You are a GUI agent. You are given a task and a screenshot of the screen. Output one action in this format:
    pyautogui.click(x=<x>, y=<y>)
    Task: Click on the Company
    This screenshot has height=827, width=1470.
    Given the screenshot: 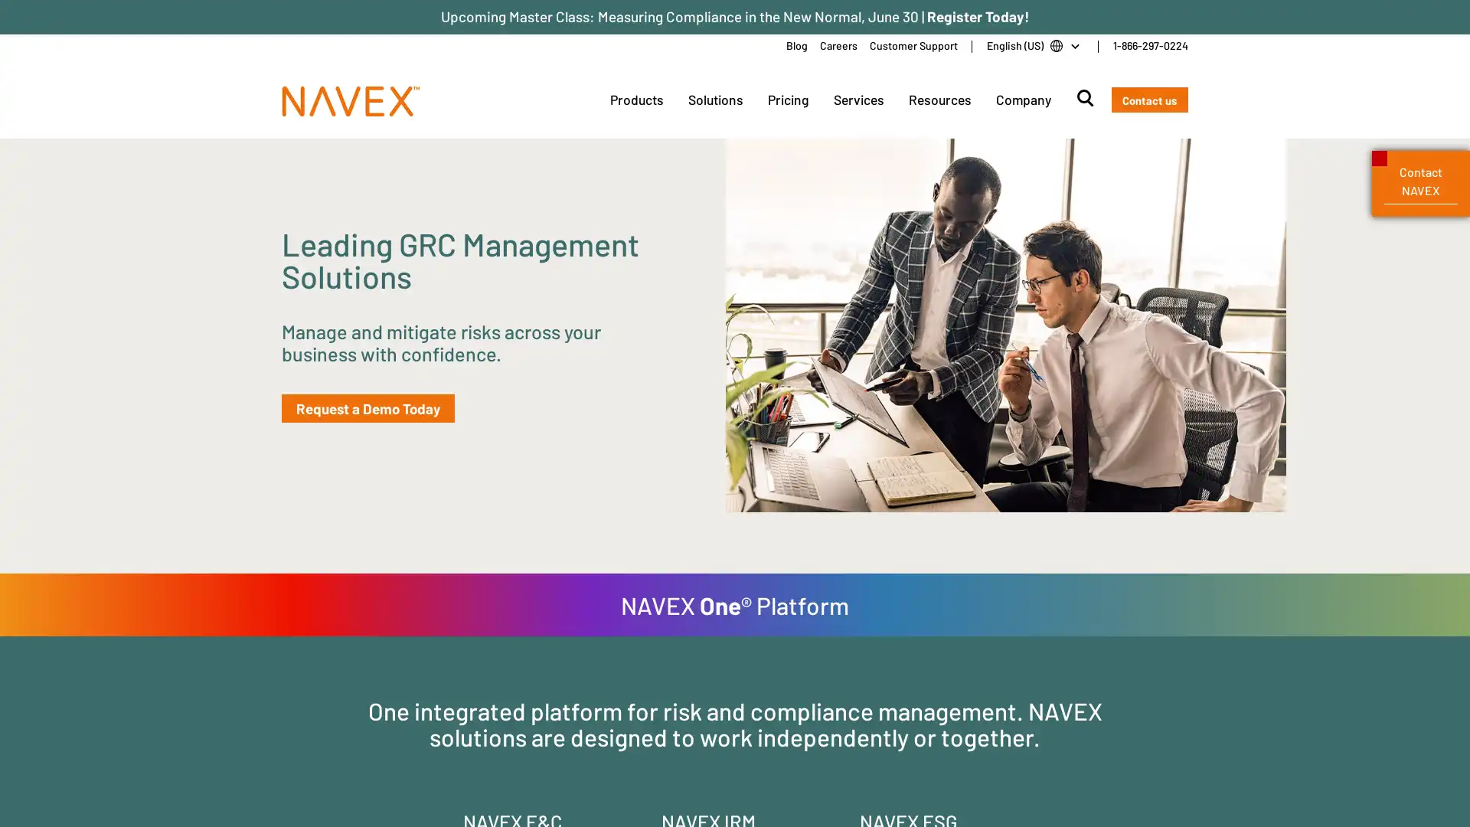 What is the action you would take?
    pyautogui.click(x=1022, y=100)
    